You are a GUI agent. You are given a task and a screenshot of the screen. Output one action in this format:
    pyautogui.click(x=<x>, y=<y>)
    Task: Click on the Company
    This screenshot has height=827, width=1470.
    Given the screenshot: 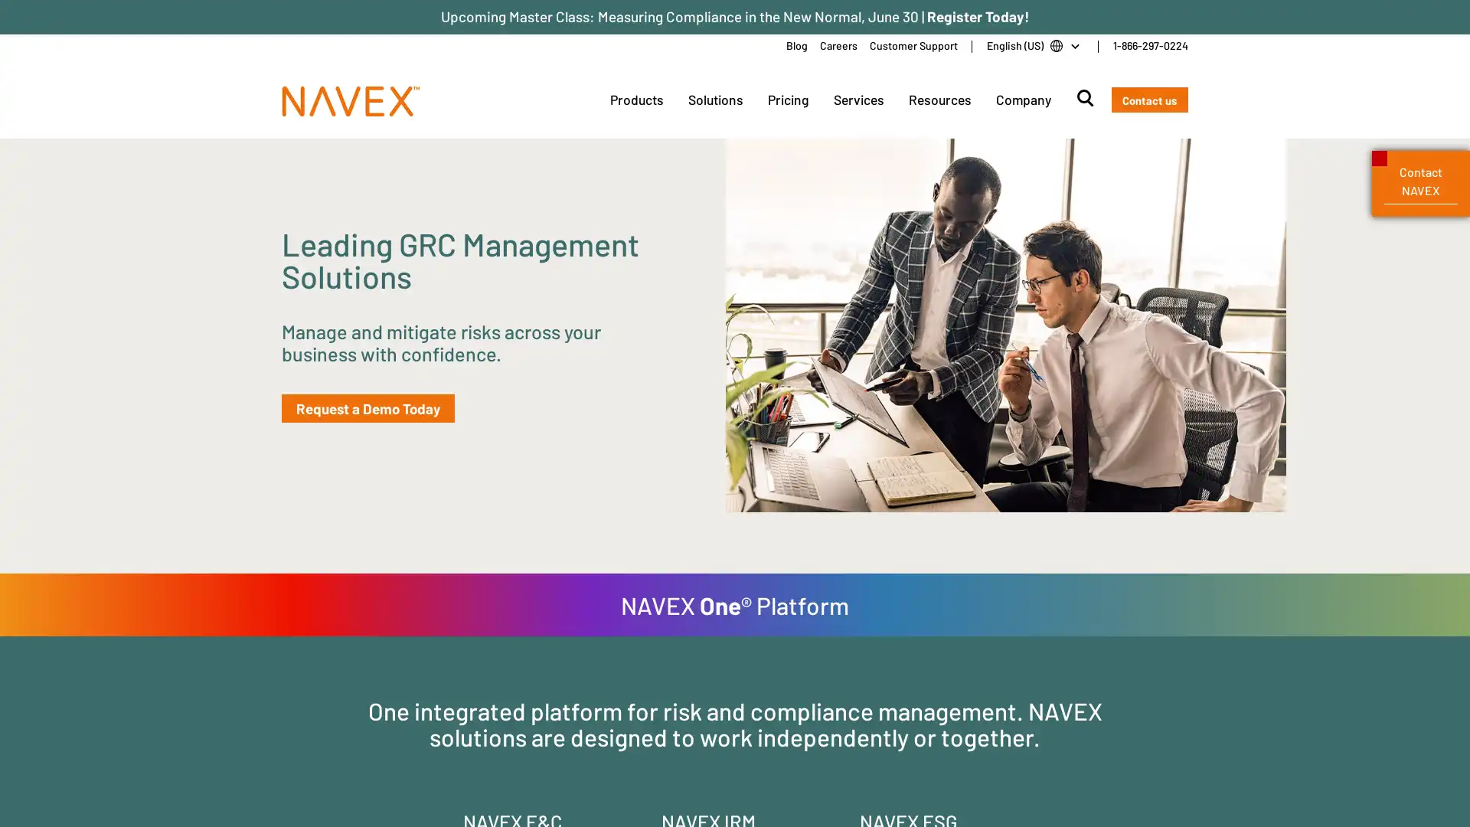 What is the action you would take?
    pyautogui.click(x=1022, y=100)
    